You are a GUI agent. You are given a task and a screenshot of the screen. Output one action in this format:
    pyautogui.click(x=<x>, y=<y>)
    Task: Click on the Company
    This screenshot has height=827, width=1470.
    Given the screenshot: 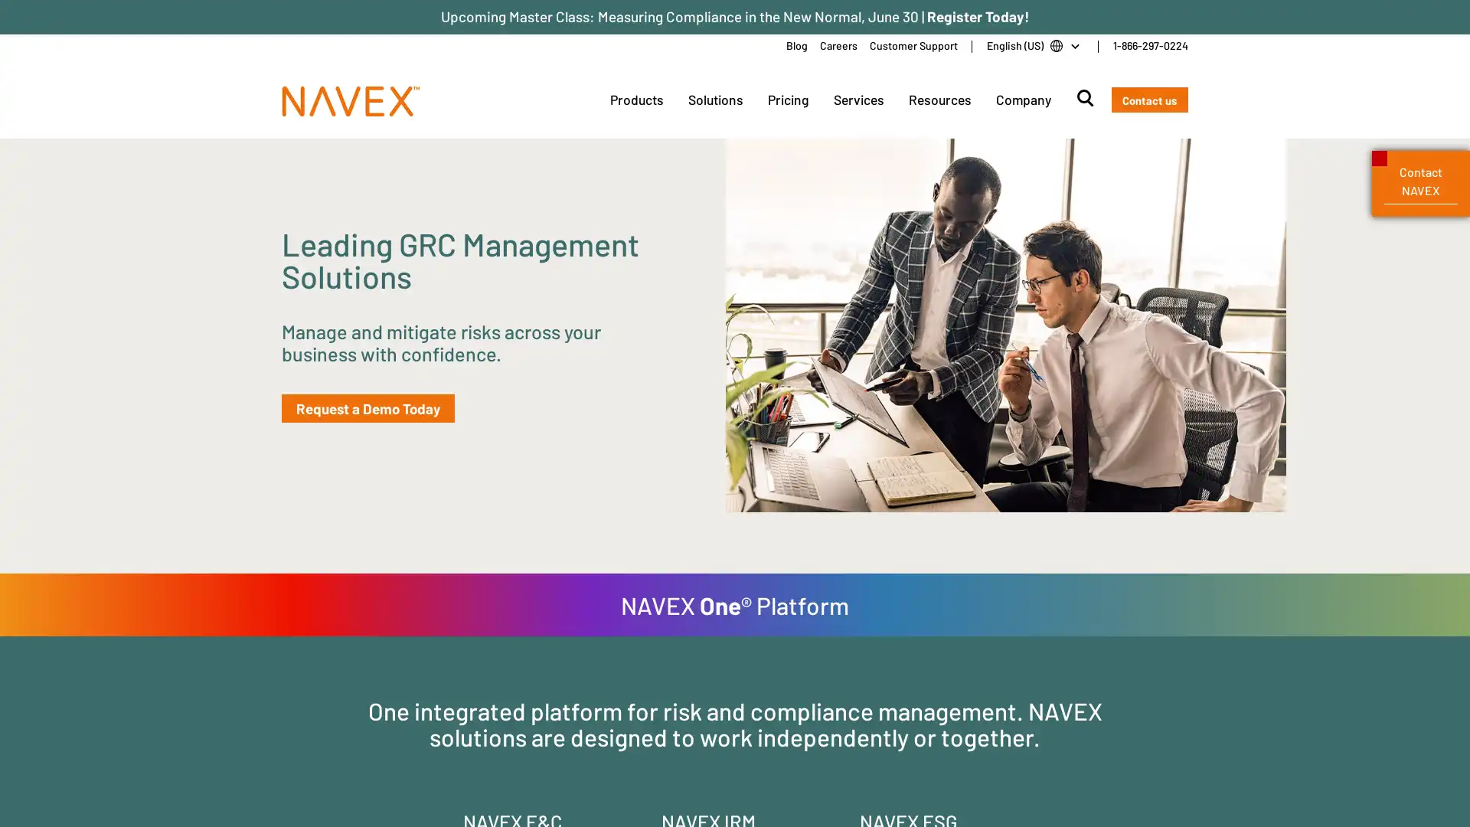 What is the action you would take?
    pyautogui.click(x=1022, y=100)
    